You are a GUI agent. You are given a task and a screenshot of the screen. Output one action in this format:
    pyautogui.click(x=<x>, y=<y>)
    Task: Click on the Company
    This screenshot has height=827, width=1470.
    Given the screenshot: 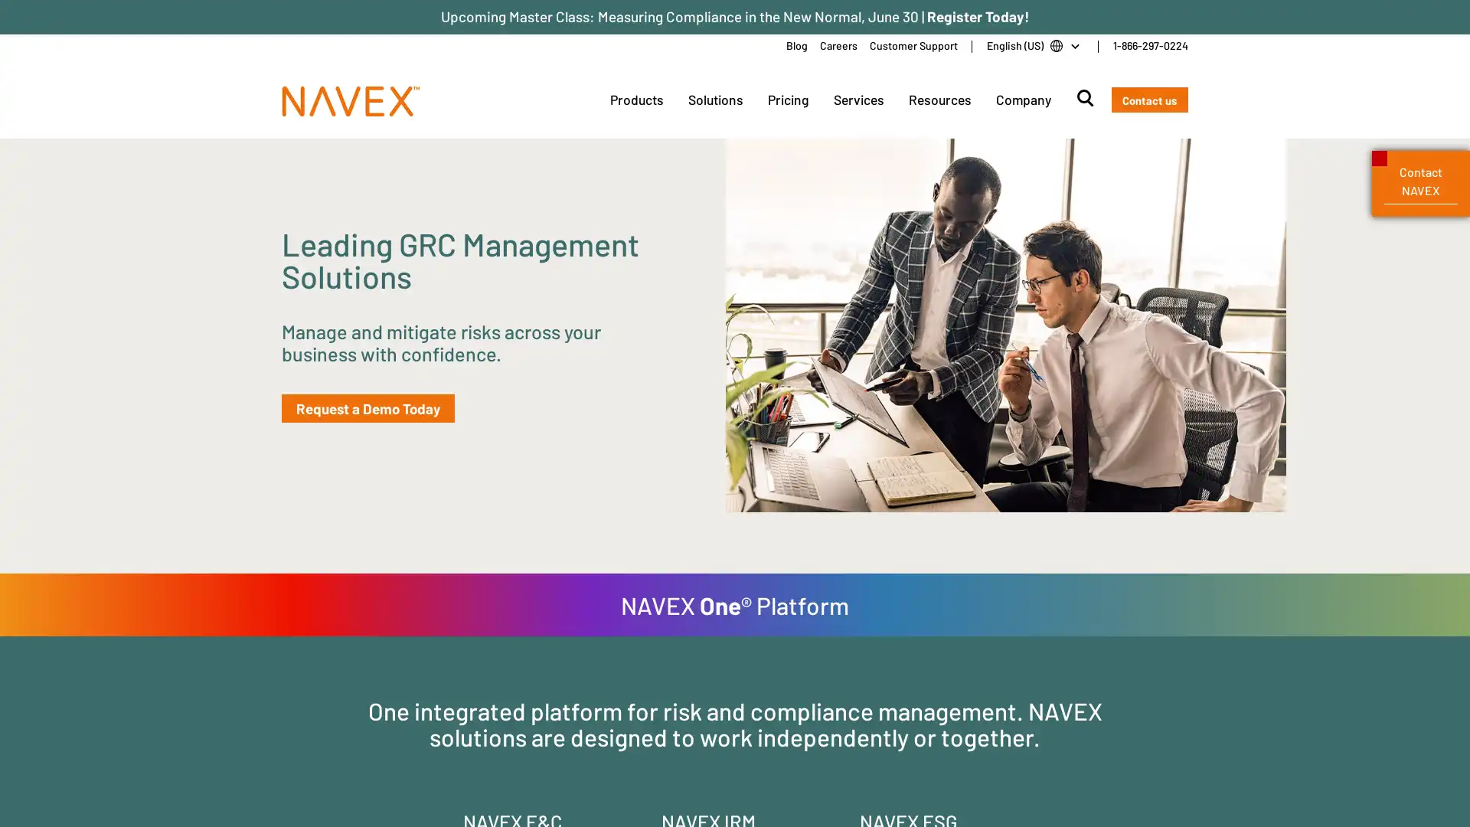 What is the action you would take?
    pyautogui.click(x=1022, y=100)
    